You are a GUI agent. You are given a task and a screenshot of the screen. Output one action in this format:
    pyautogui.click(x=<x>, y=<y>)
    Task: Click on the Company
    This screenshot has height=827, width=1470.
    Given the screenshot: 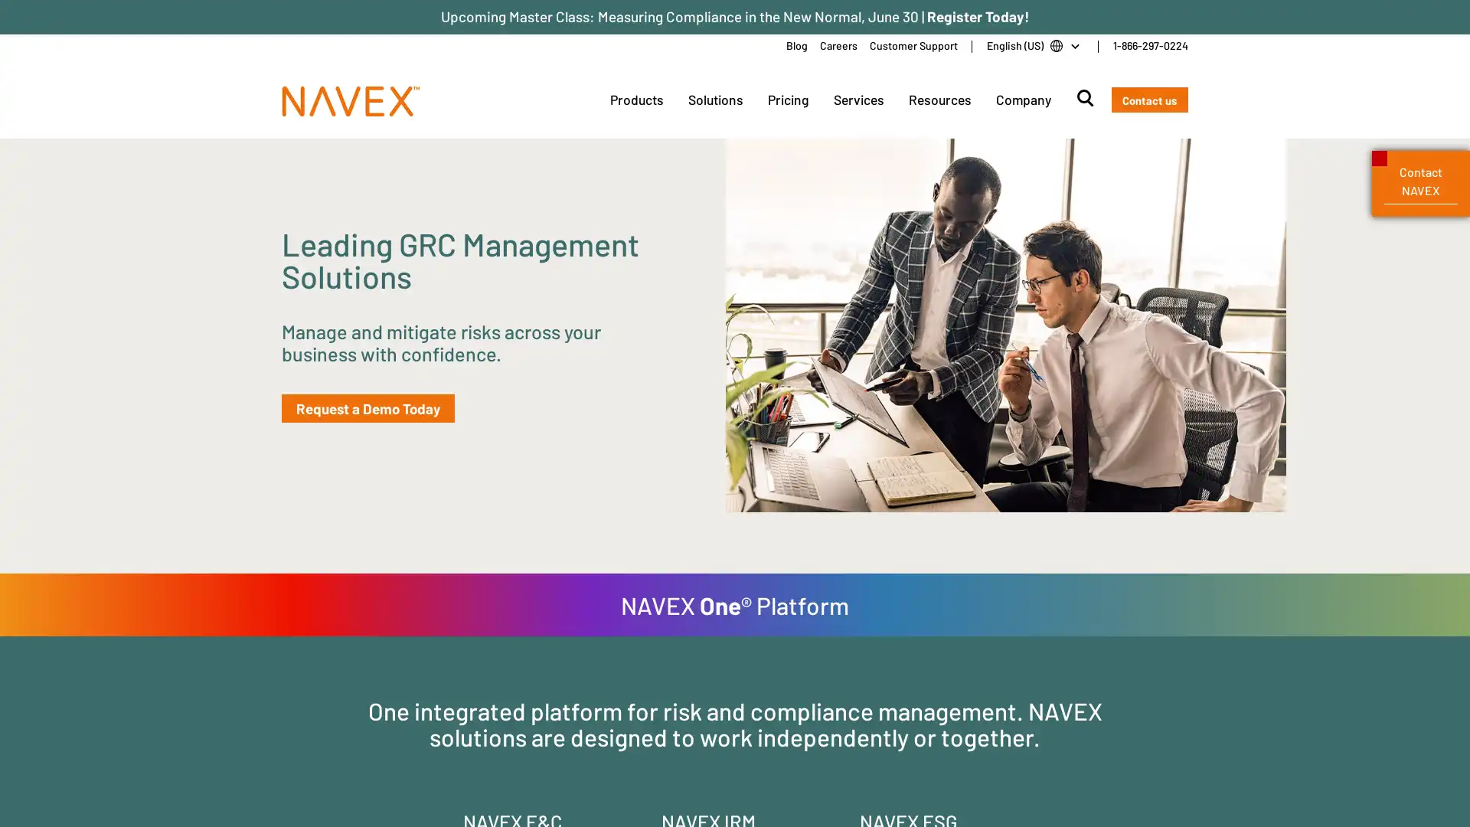 What is the action you would take?
    pyautogui.click(x=1022, y=100)
    